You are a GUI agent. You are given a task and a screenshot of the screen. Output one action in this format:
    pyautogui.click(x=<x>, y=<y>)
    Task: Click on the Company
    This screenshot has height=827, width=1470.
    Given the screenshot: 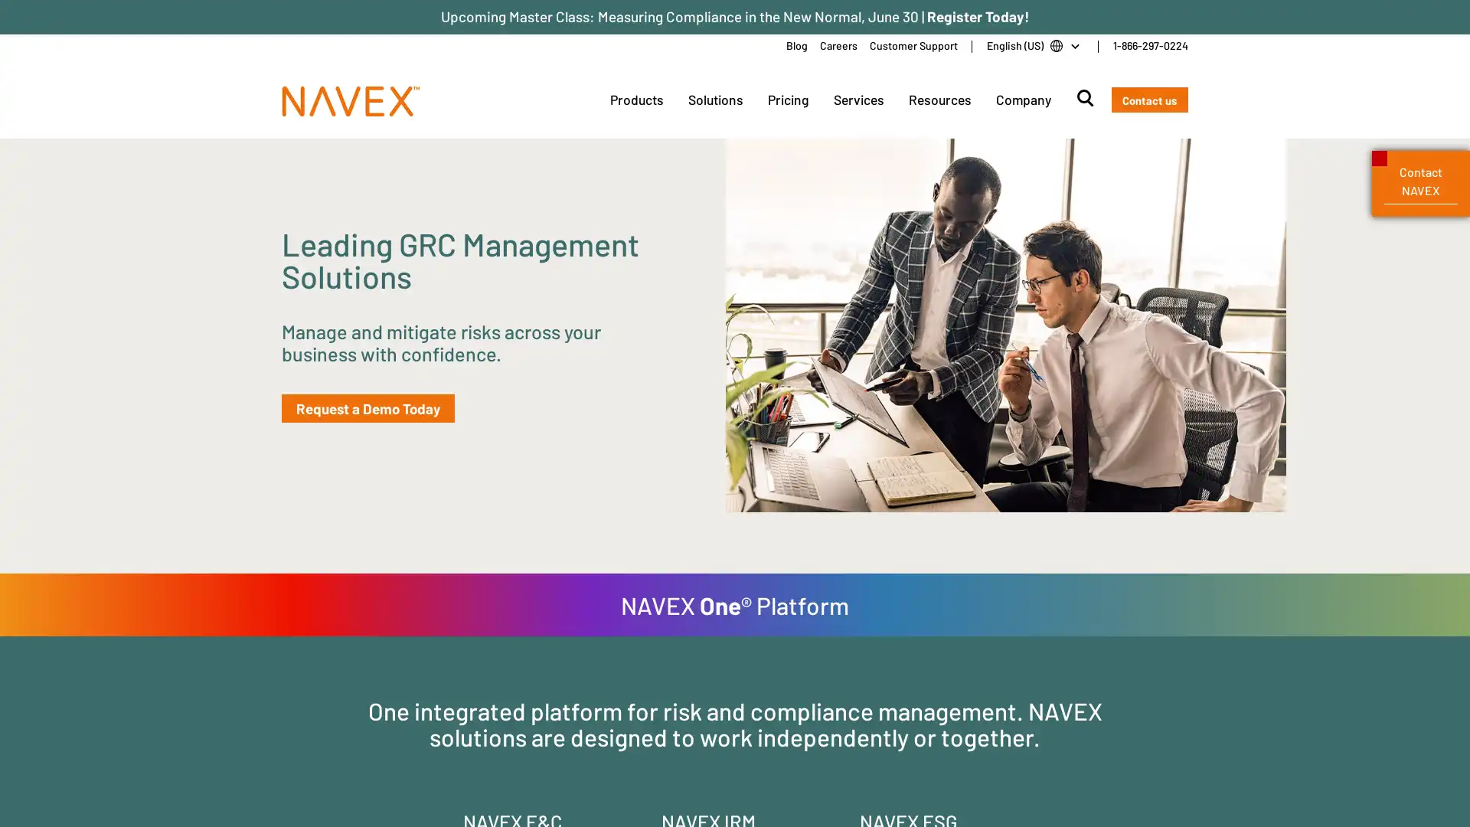 What is the action you would take?
    pyautogui.click(x=1022, y=100)
    